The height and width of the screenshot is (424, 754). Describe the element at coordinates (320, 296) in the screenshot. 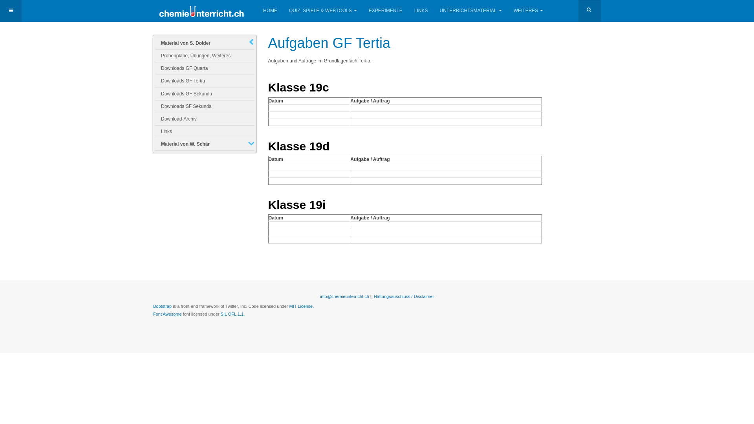

I see `'info@chemieunterricht.ch'` at that location.